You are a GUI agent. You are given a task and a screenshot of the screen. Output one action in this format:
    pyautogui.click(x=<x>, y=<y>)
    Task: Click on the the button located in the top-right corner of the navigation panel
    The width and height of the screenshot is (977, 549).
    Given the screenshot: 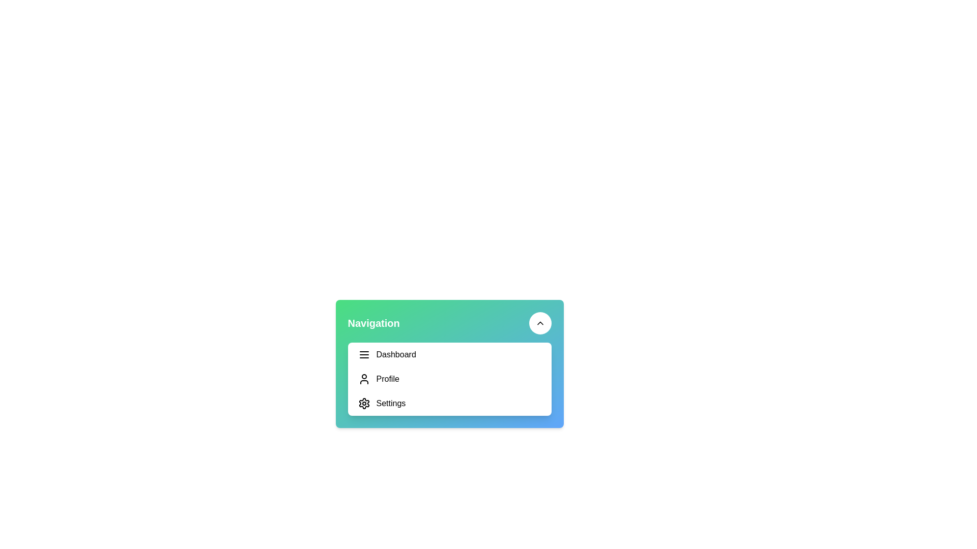 What is the action you would take?
    pyautogui.click(x=539, y=323)
    